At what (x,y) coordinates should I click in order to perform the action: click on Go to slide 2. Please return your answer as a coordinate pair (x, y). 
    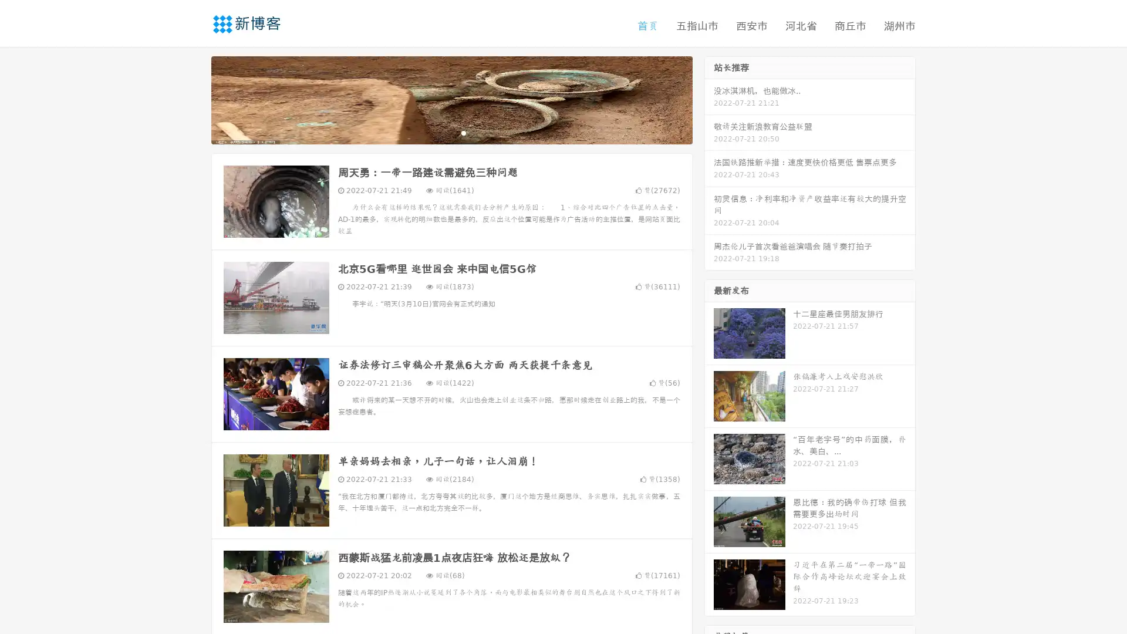
    Looking at the image, I should click on (451, 132).